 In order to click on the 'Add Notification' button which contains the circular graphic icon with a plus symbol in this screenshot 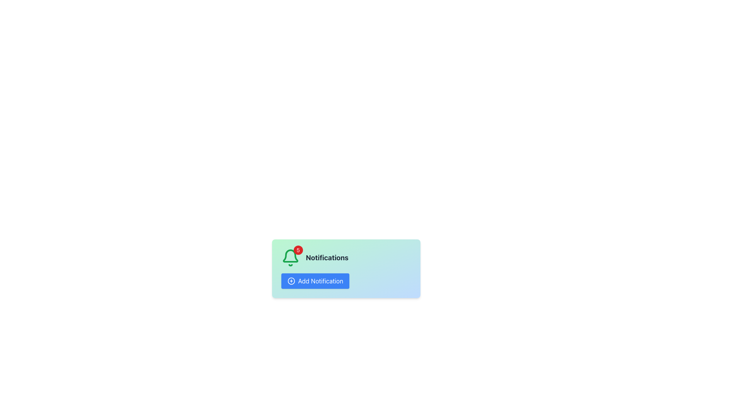, I will do `click(291, 281)`.